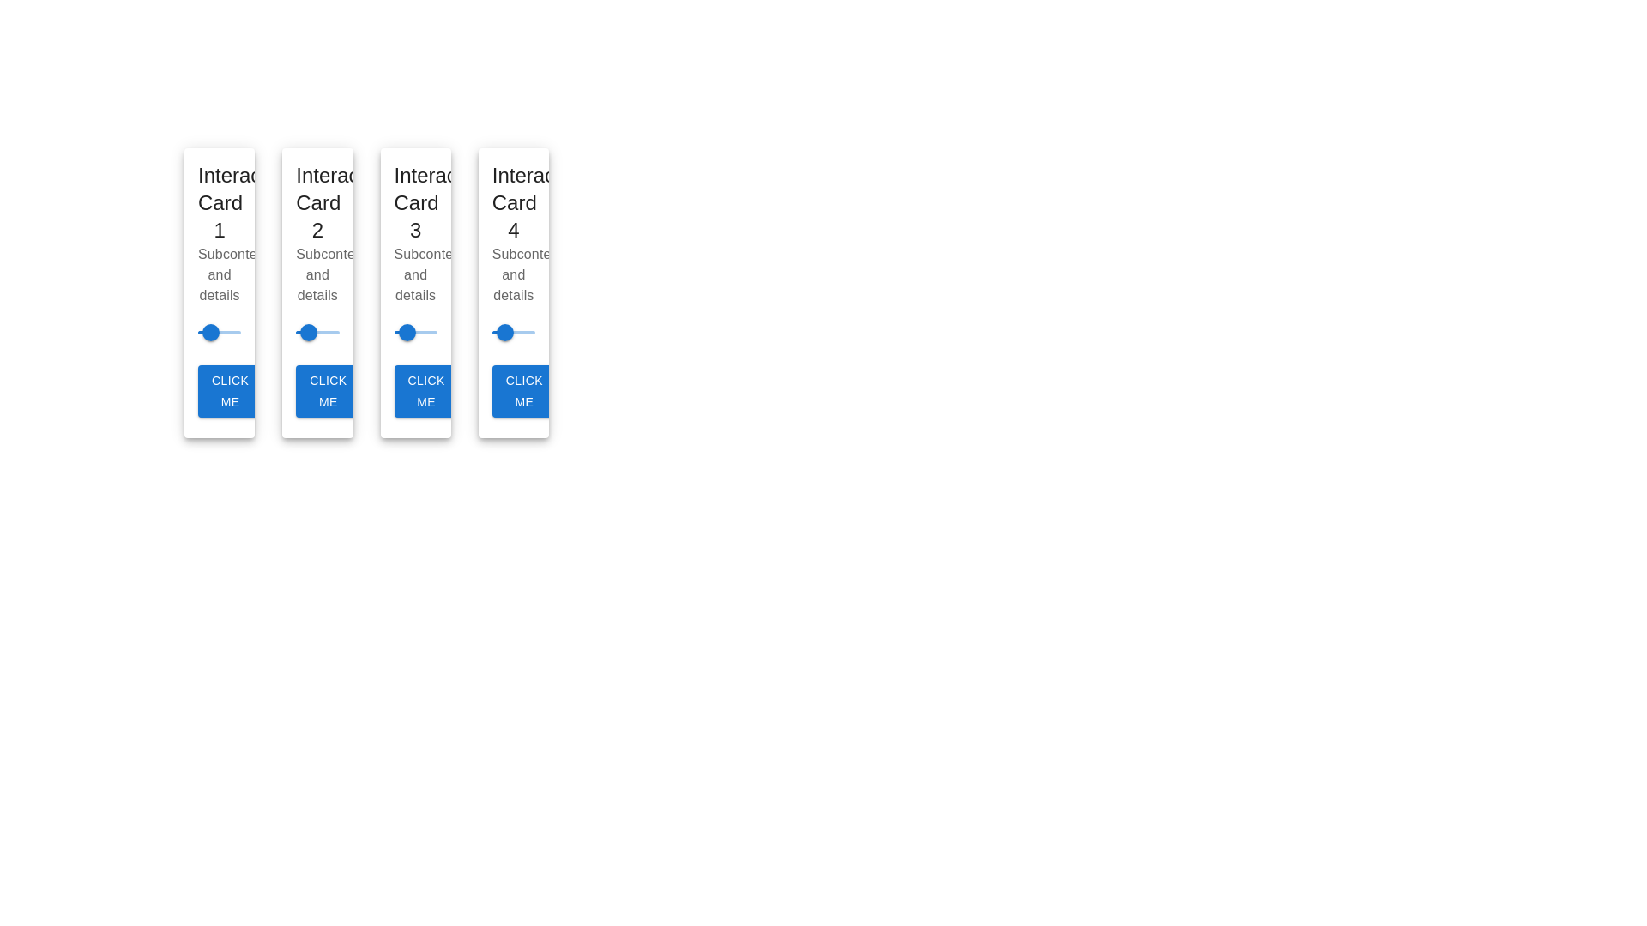  What do you see at coordinates (512, 333) in the screenshot?
I see `the thumb of the slider located in 'Interactive Card 4' above the 'Click Me' button` at bounding box center [512, 333].